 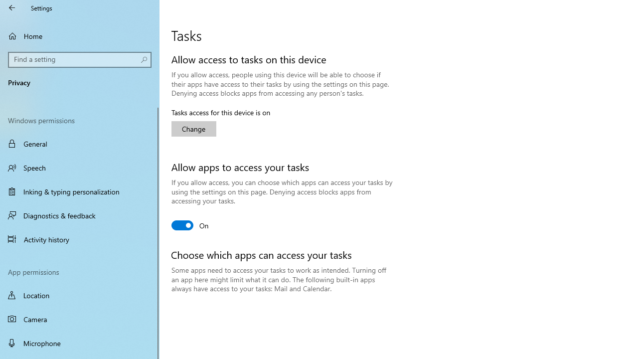 What do you see at coordinates (80, 167) in the screenshot?
I see `'Speech'` at bounding box center [80, 167].